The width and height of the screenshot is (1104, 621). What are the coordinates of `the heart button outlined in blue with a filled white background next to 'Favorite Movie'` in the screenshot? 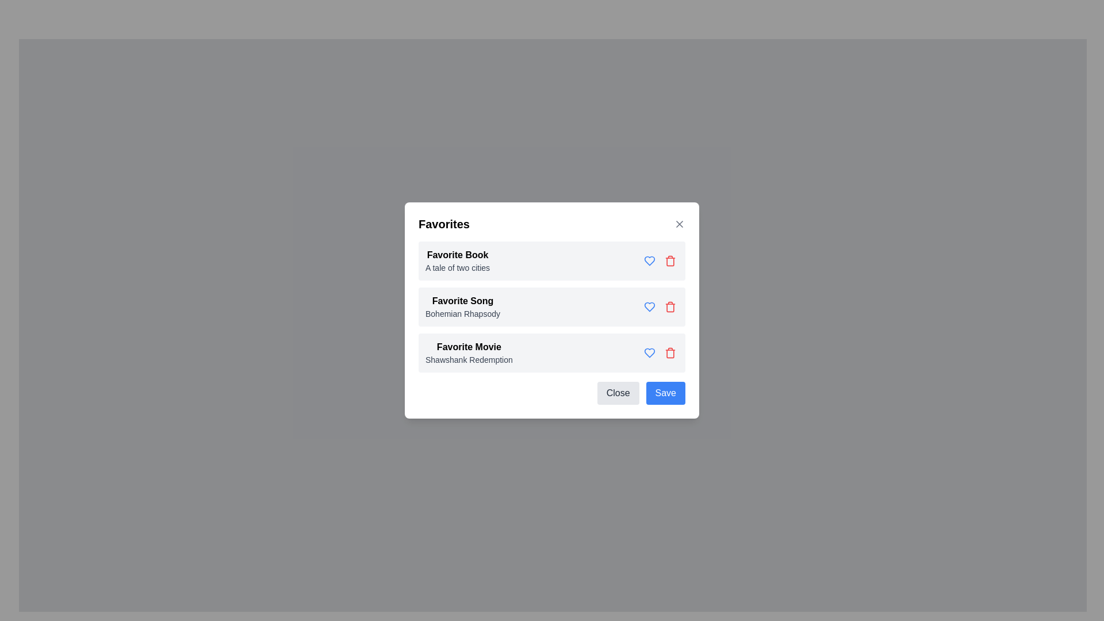 It's located at (649, 352).